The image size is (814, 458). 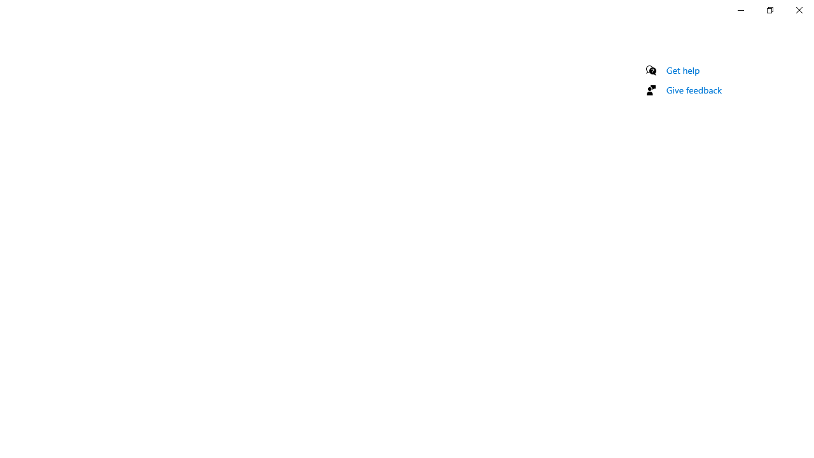 I want to click on 'Minimize Settings', so click(x=740, y=10).